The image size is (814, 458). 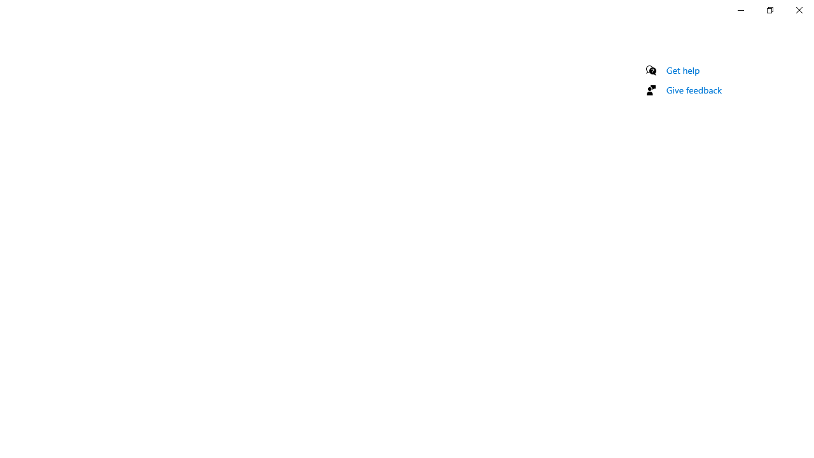 I want to click on 'Minimize Settings', so click(x=740, y=10).